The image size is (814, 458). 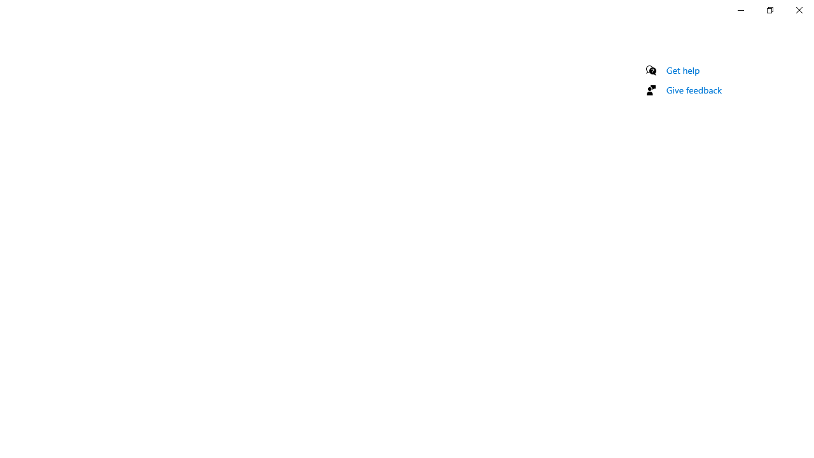 I want to click on 'Minimize Settings', so click(x=740, y=10).